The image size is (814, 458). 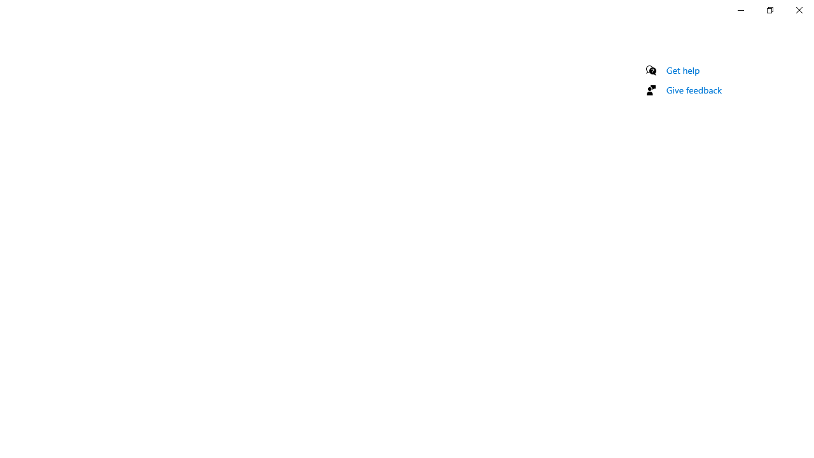 I want to click on 'Minimize Settings', so click(x=740, y=10).